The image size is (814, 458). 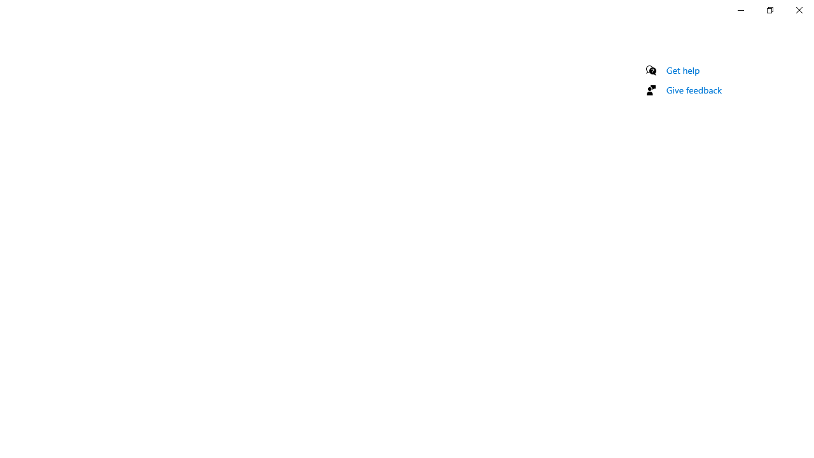 I want to click on 'Minimize Settings', so click(x=740, y=10).